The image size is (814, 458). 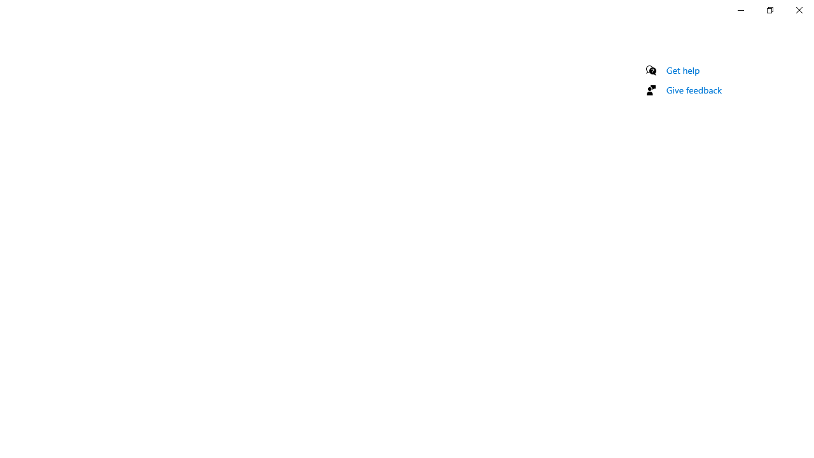 I want to click on 'Minimize Settings', so click(x=740, y=10).